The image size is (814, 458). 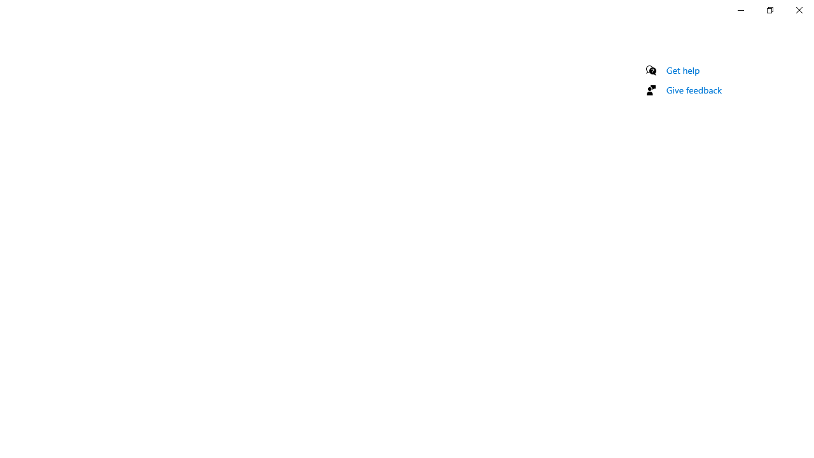 I want to click on 'Minimize Settings', so click(x=740, y=10).